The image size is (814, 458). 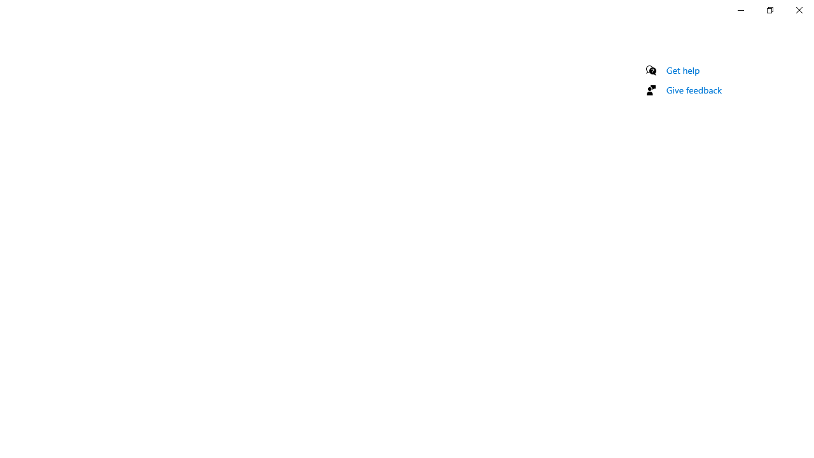 I want to click on 'Minimize Settings', so click(x=740, y=10).